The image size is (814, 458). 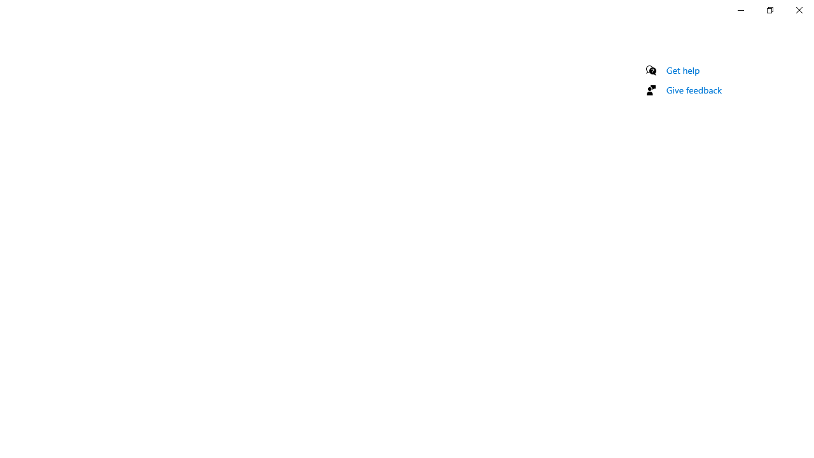 I want to click on 'Minimize Settings', so click(x=740, y=10).